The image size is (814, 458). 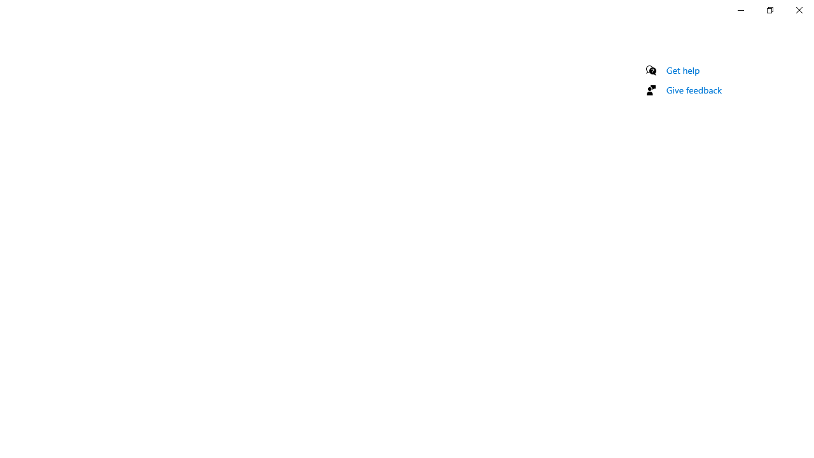 I want to click on 'Minimize Settings', so click(x=740, y=10).